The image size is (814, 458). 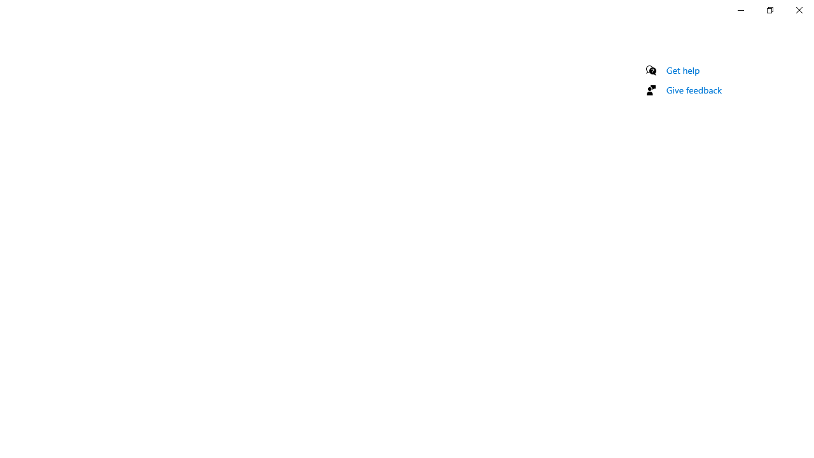 I want to click on 'Minimize Settings', so click(x=740, y=10).